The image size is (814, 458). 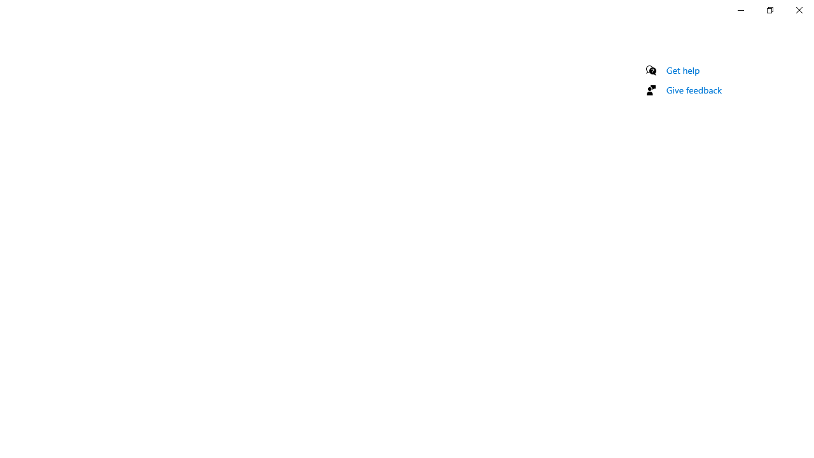 I want to click on 'Minimize Settings', so click(x=740, y=10).